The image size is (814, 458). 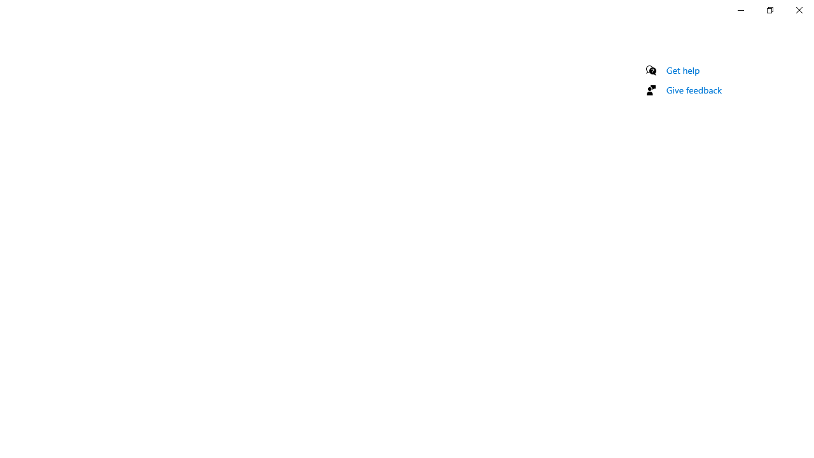 I want to click on 'Minimize Settings', so click(x=740, y=10).